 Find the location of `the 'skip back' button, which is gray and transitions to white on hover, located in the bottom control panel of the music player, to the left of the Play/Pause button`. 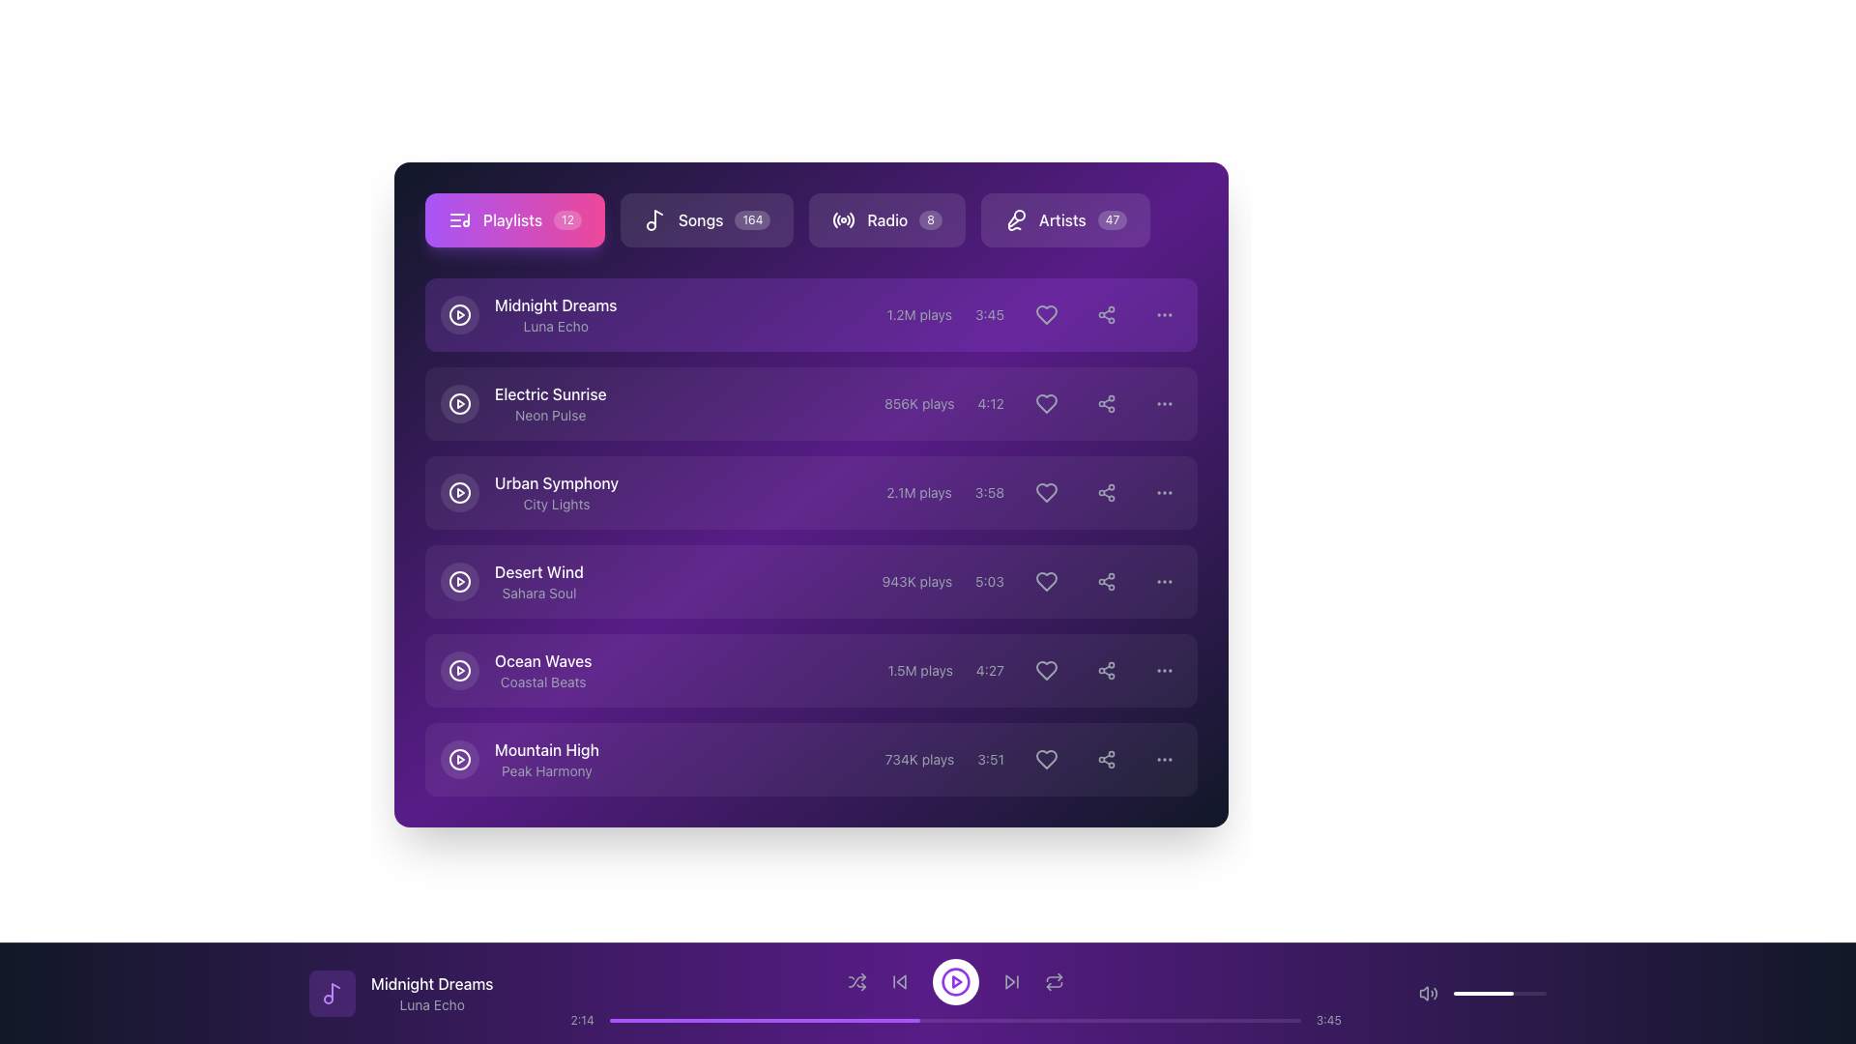

the 'skip back' button, which is gray and transitions to white on hover, located in the bottom control panel of the music player, to the left of the Play/Pause button is located at coordinates (899, 981).